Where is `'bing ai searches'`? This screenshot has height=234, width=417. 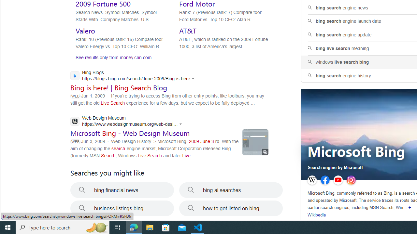 'bing ai searches' is located at coordinates (231, 190).